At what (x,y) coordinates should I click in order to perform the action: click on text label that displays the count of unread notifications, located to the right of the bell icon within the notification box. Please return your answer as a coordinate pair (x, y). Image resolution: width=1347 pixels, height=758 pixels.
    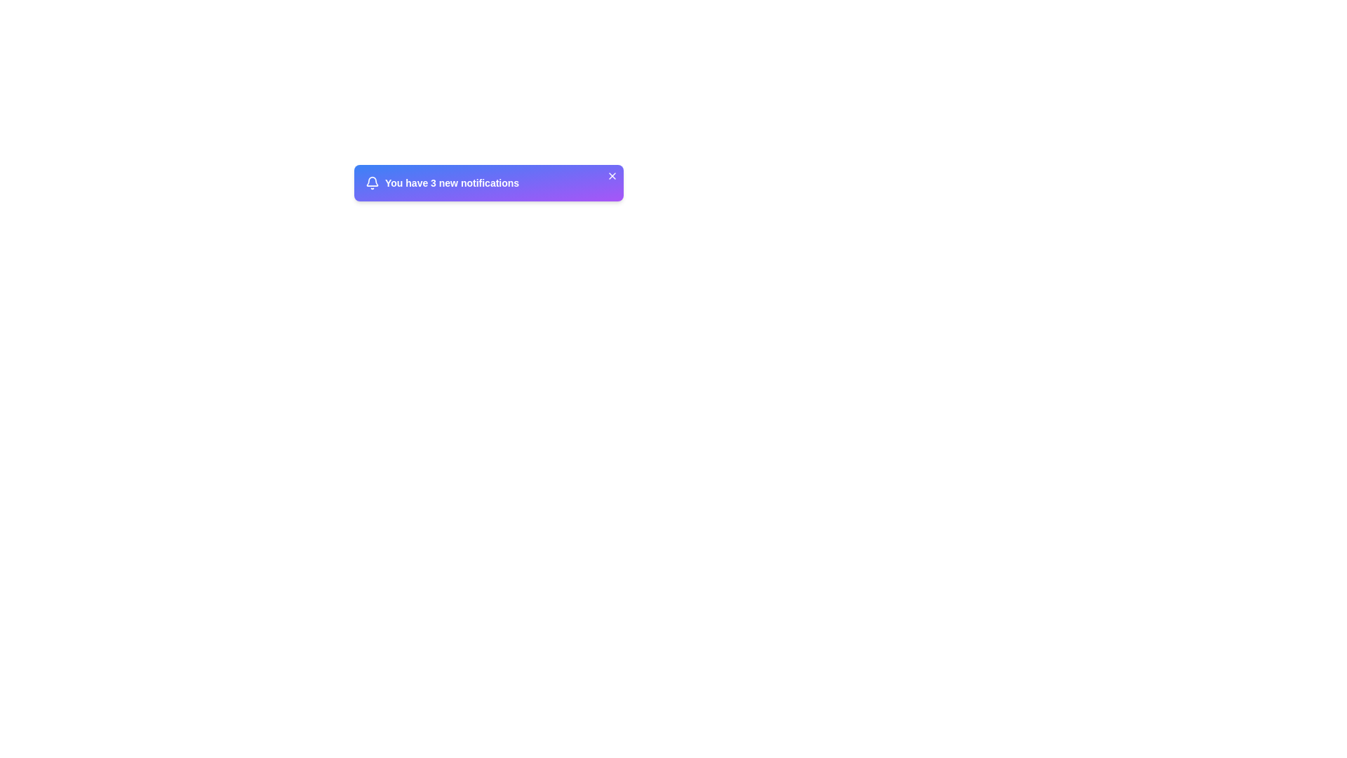
    Looking at the image, I should click on (452, 182).